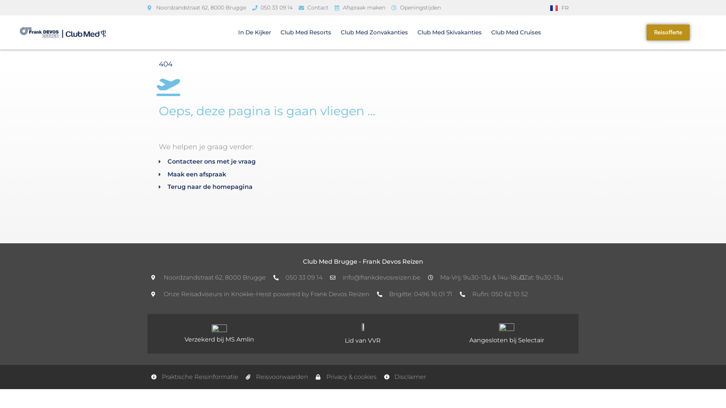 The image size is (726, 408). What do you see at coordinates (359, 8) in the screenshot?
I see `'Afspraak maken'` at bounding box center [359, 8].